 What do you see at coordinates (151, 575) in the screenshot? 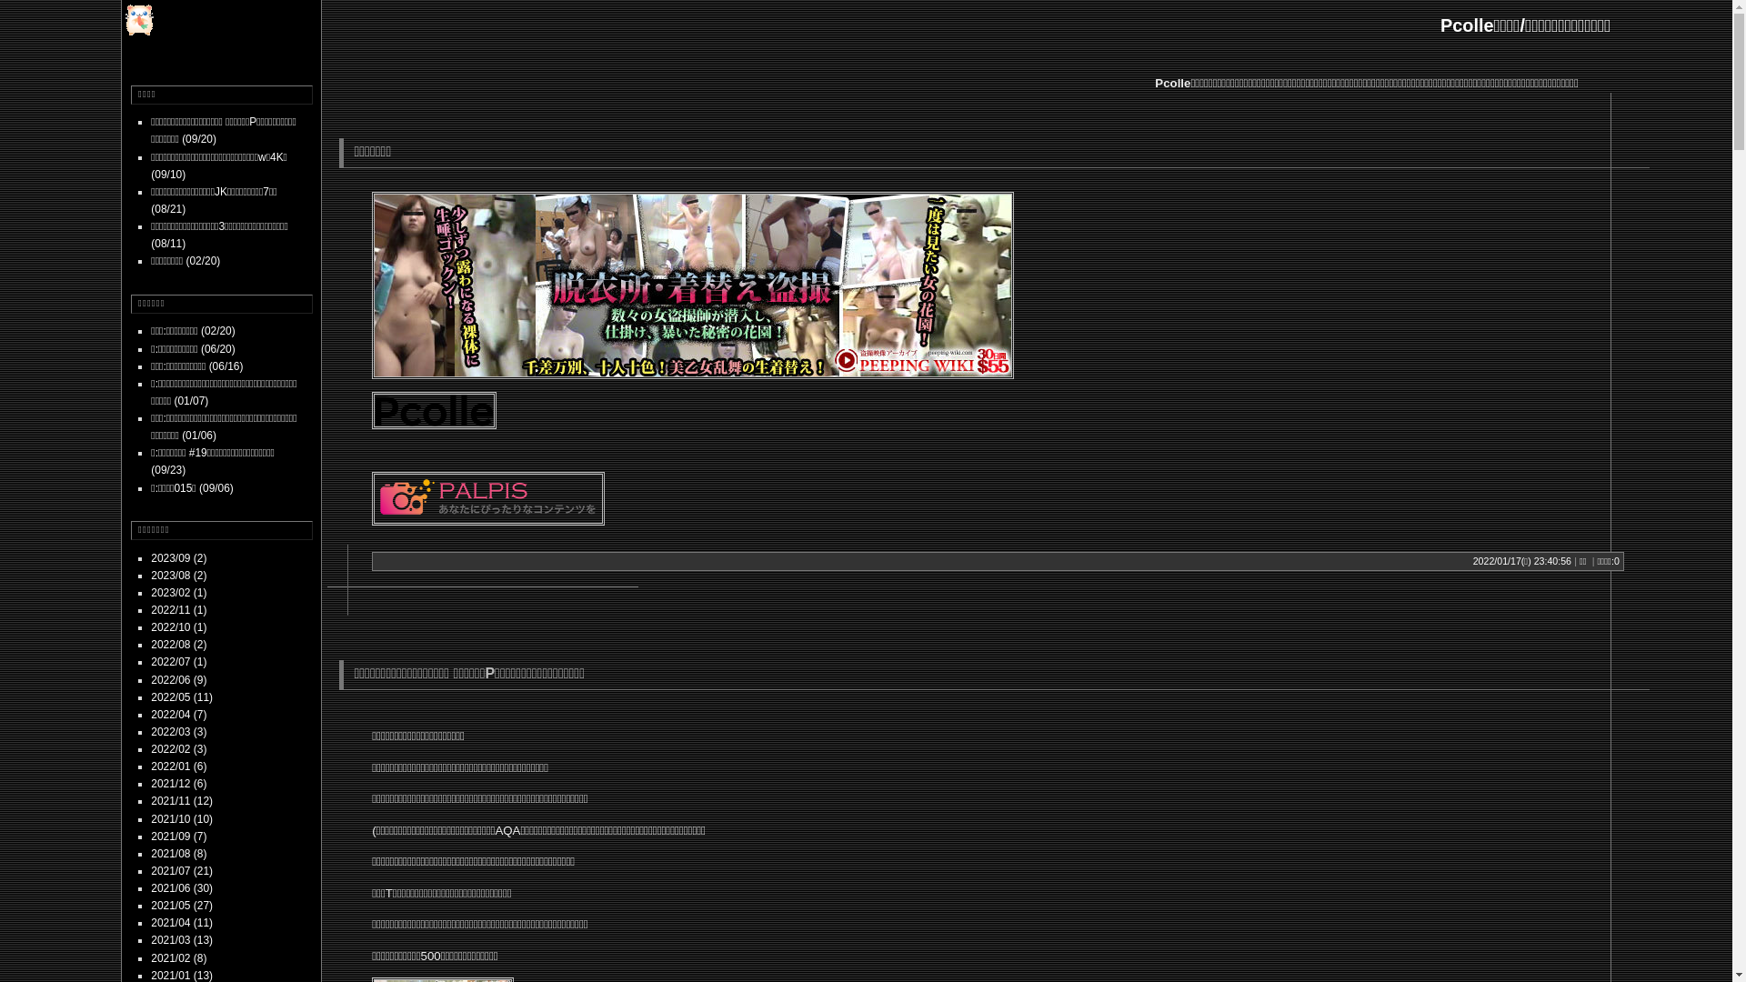
I see `'2023/08 (2)'` at bounding box center [151, 575].